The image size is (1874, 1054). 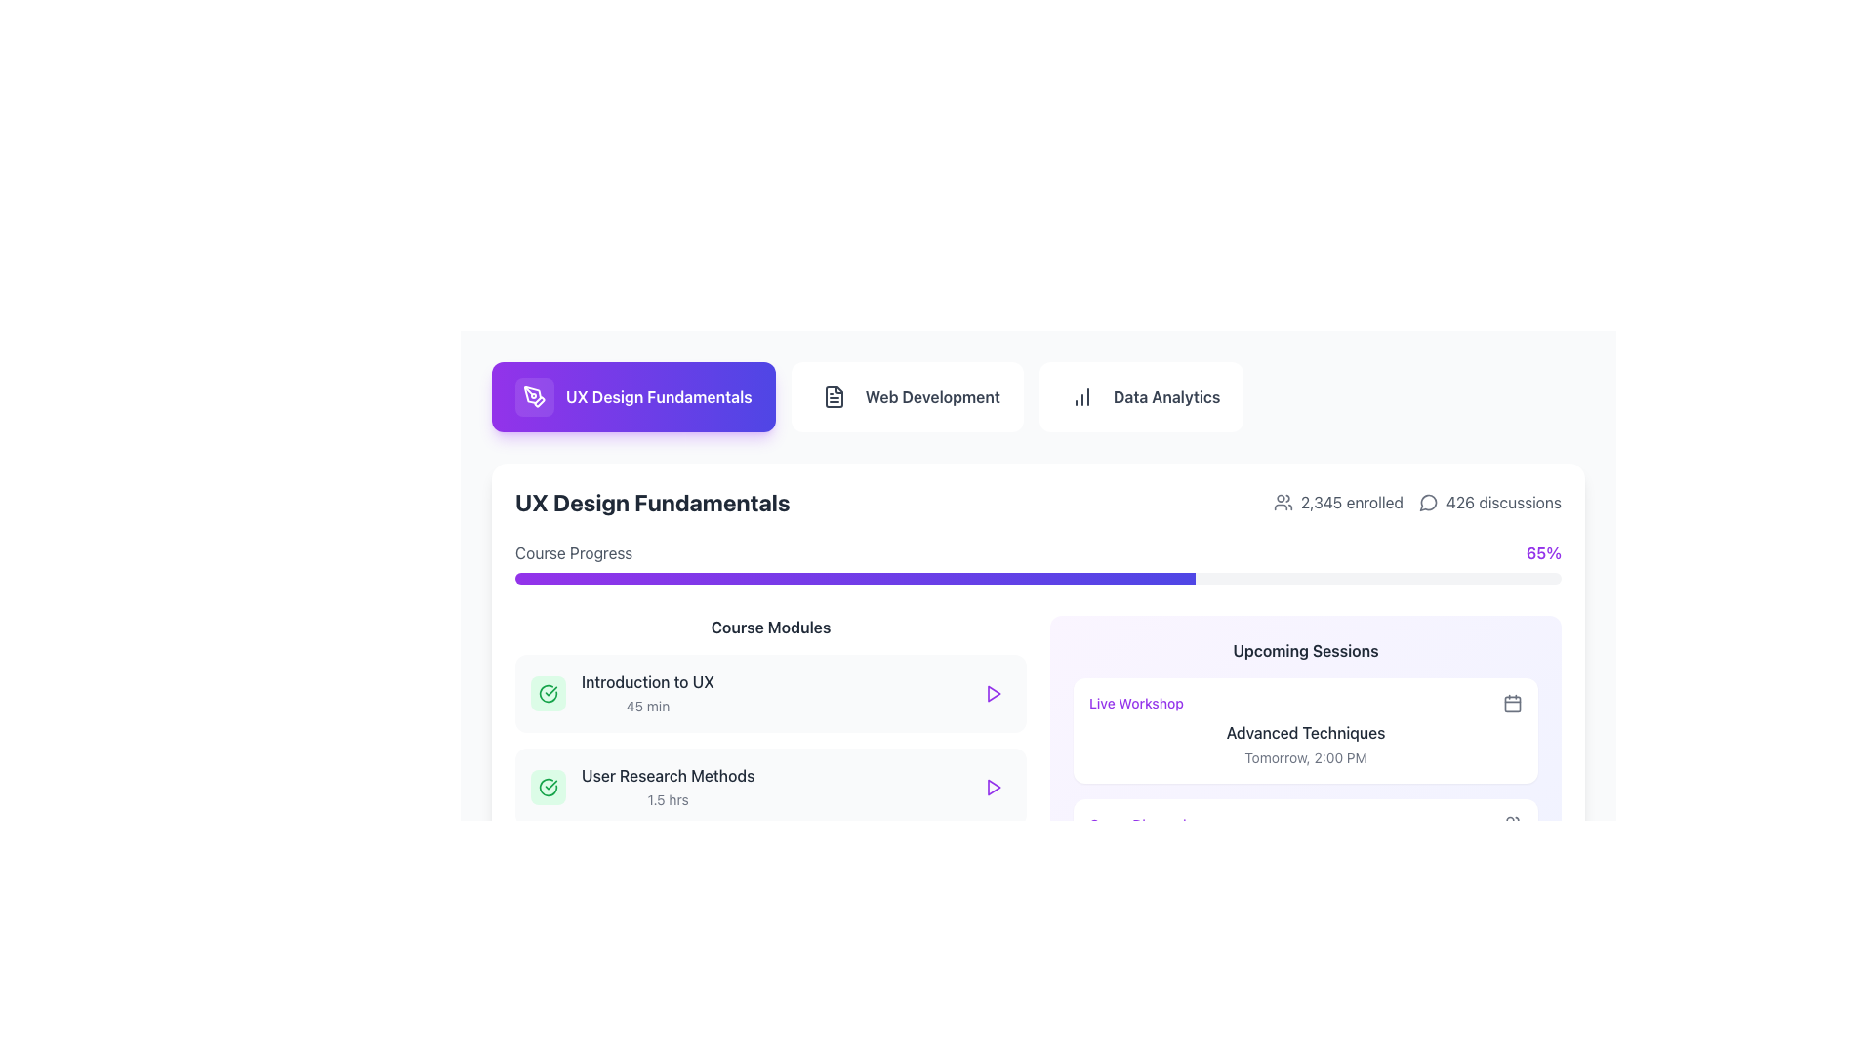 I want to click on the button labeled 'UX Design Fundamentals', which is the first button in a horizontal list with a gradient background from purple to blue and contains a pen tool icon, so click(x=633, y=396).